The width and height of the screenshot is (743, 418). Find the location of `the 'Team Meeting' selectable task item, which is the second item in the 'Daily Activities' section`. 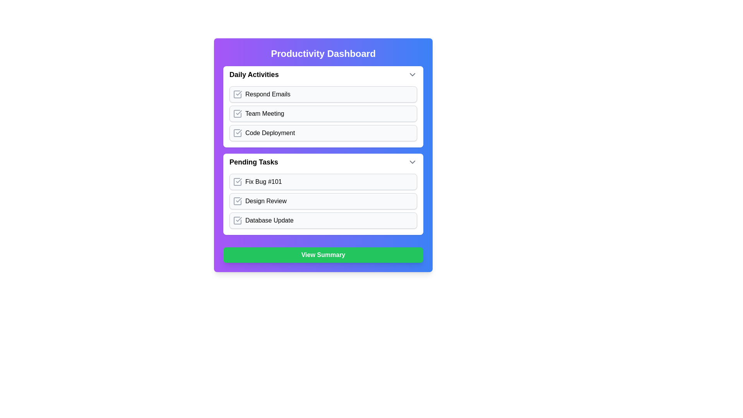

the 'Team Meeting' selectable task item, which is the second item in the 'Daily Activities' section is located at coordinates (323, 113).